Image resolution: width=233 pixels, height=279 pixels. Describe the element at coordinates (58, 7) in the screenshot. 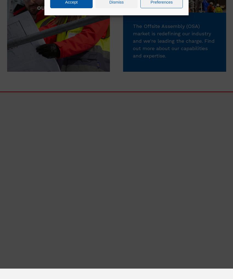

I see `'Our Strategy'` at that location.